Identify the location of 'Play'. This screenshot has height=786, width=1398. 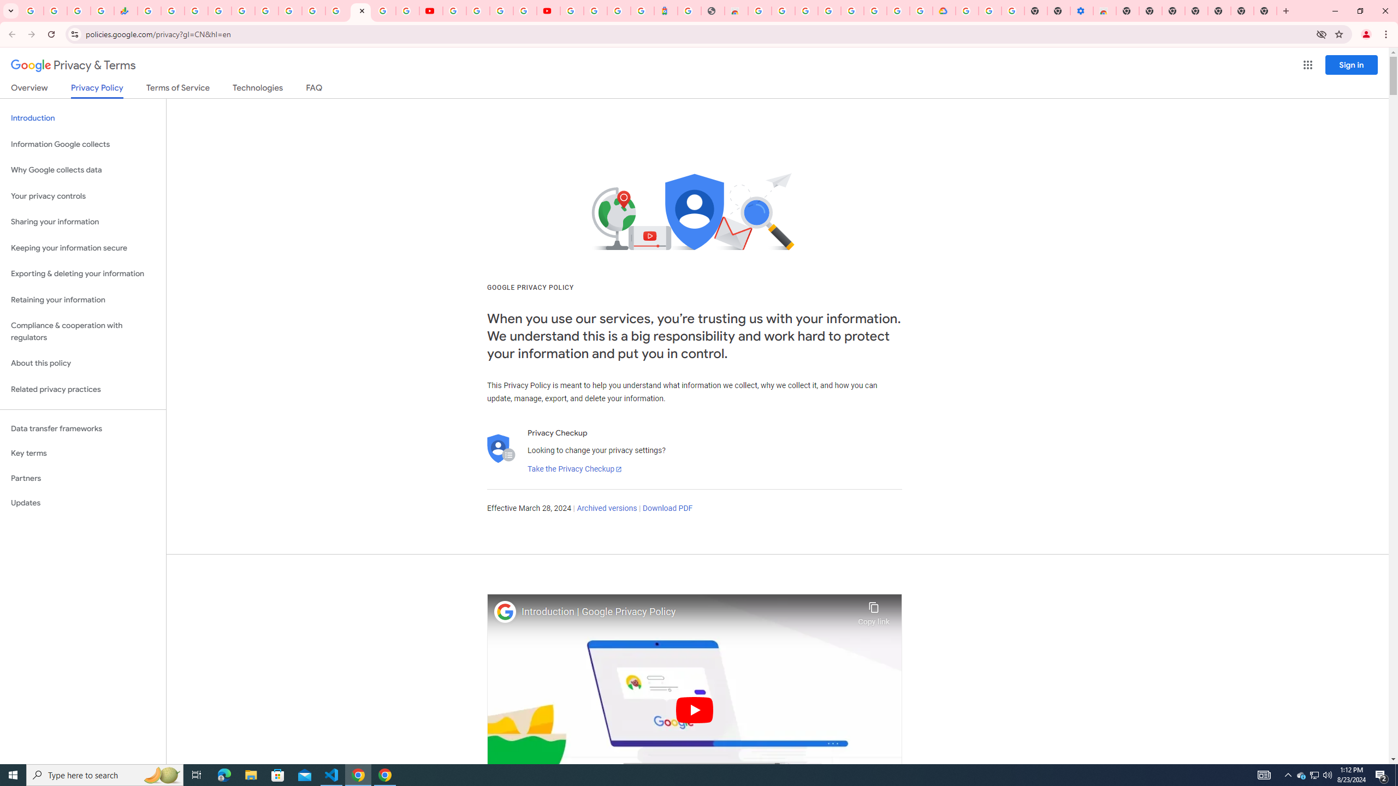
(694, 709).